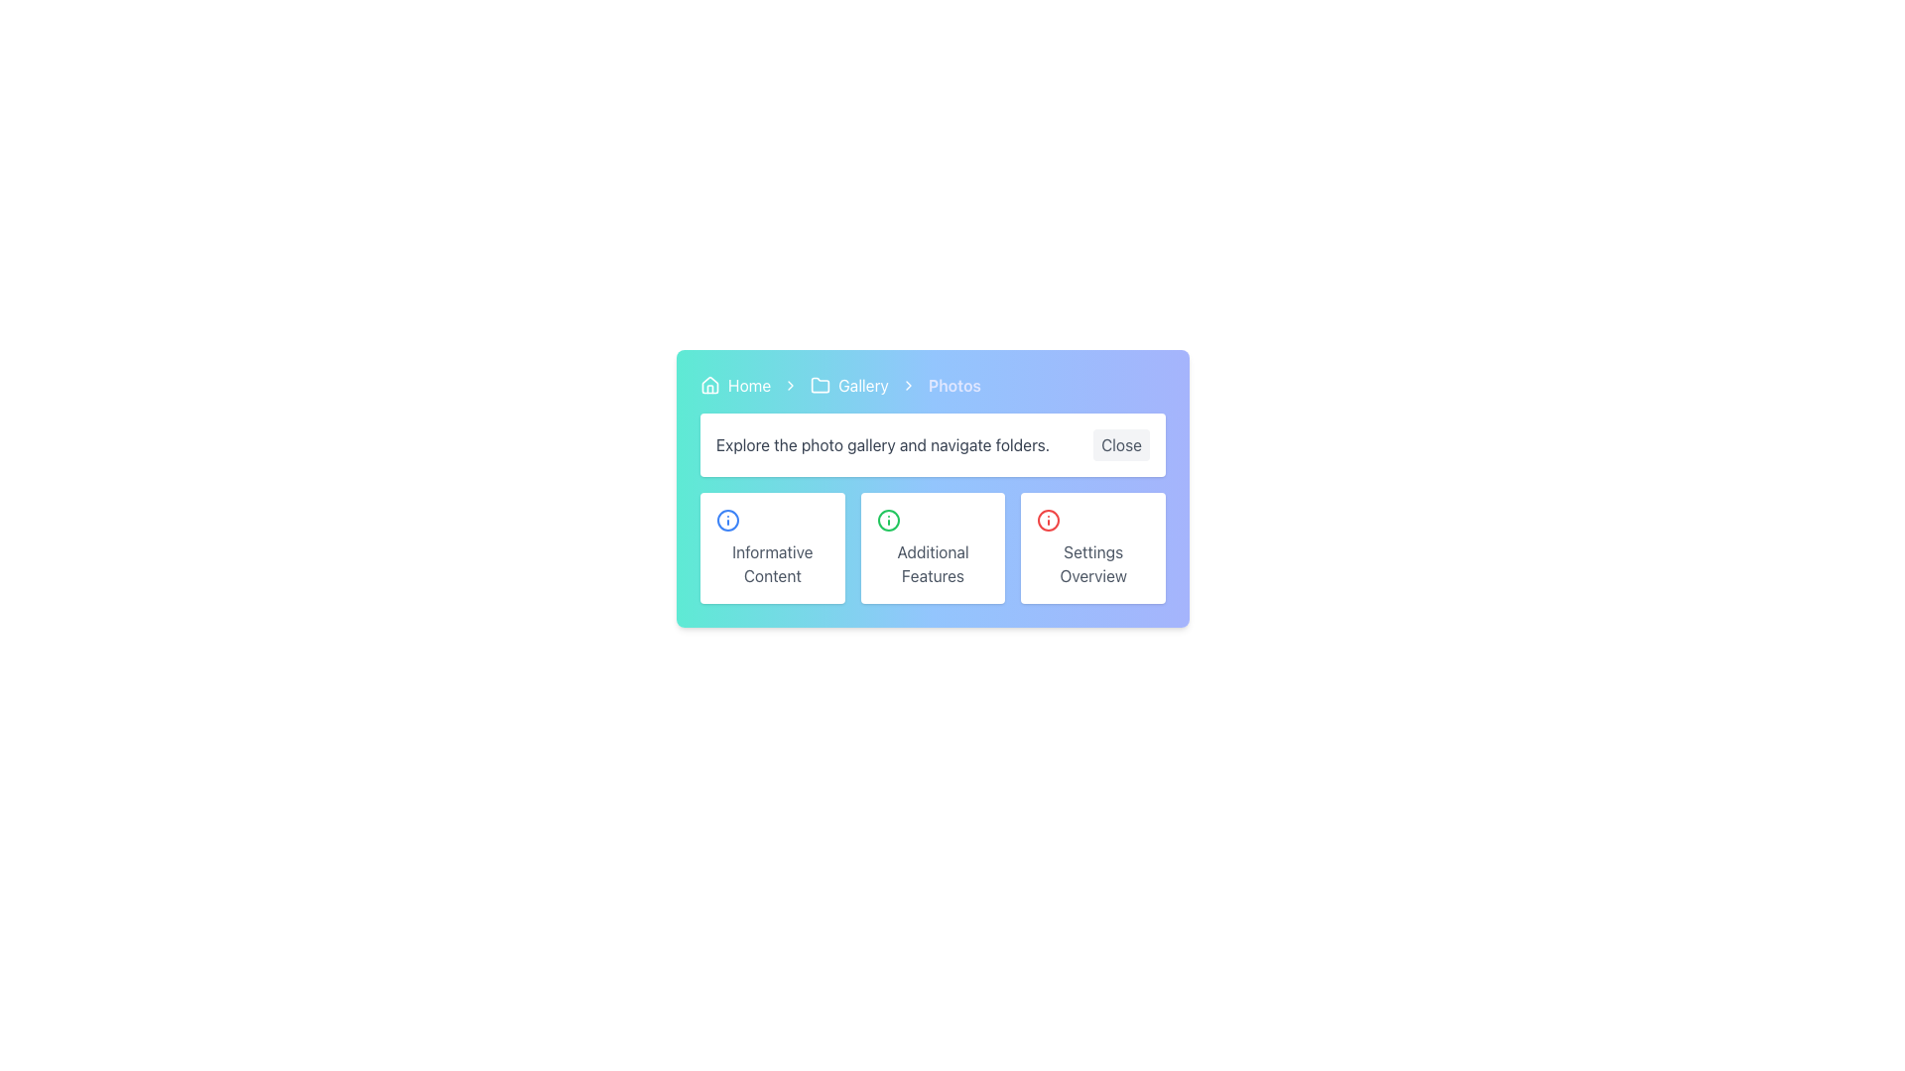  Describe the element at coordinates (727, 519) in the screenshot. I see `the circular graphic element representing the general information category located in the lower-left informational box labeled 'Informative Content.'` at that location.